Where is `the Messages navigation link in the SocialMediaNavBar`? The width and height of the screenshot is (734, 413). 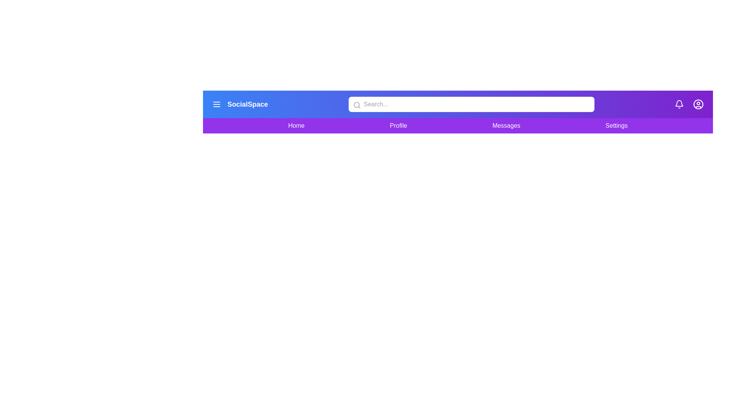 the Messages navigation link in the SocialMediaNavBar is located at coordinates (506, 125).